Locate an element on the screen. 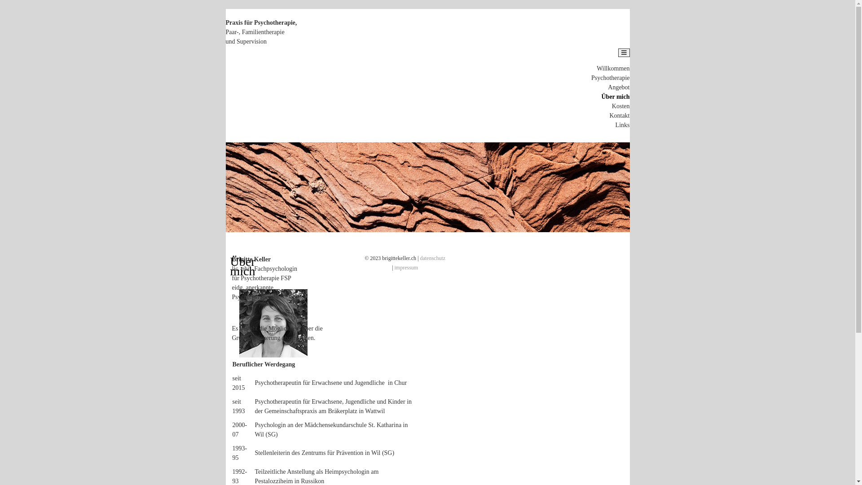  'datenschutz' is located at coordinates (419, 258).